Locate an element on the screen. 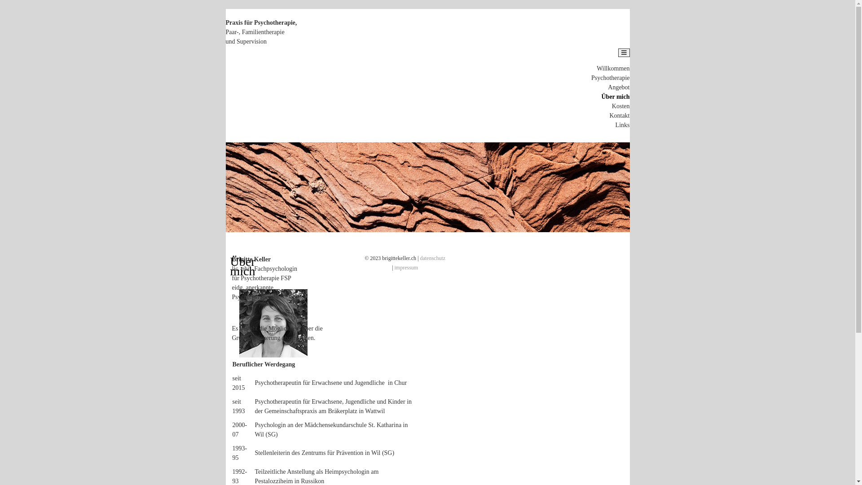  'datenschutz' is located at coordinates (419, 258).